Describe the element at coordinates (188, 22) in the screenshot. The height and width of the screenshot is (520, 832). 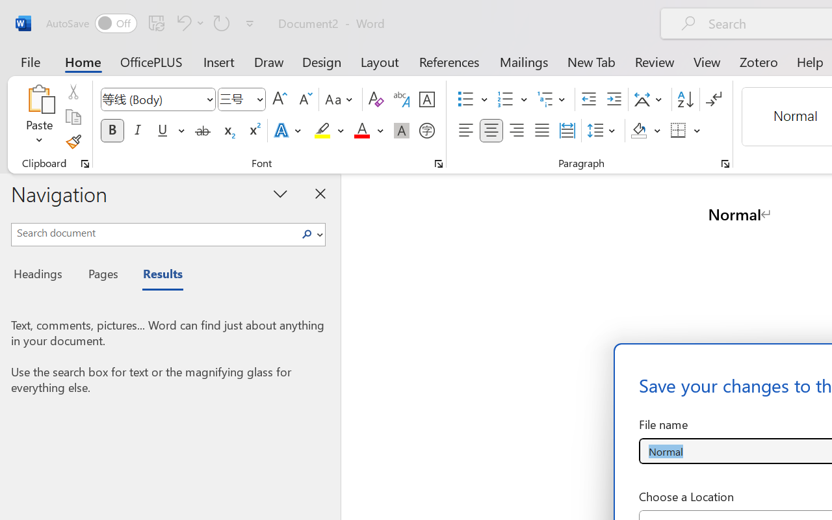
I see `'Undo Style'` at that location.